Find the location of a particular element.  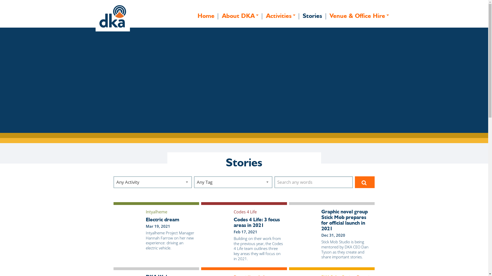

'About DKA' is located at coordinates (240, 16).